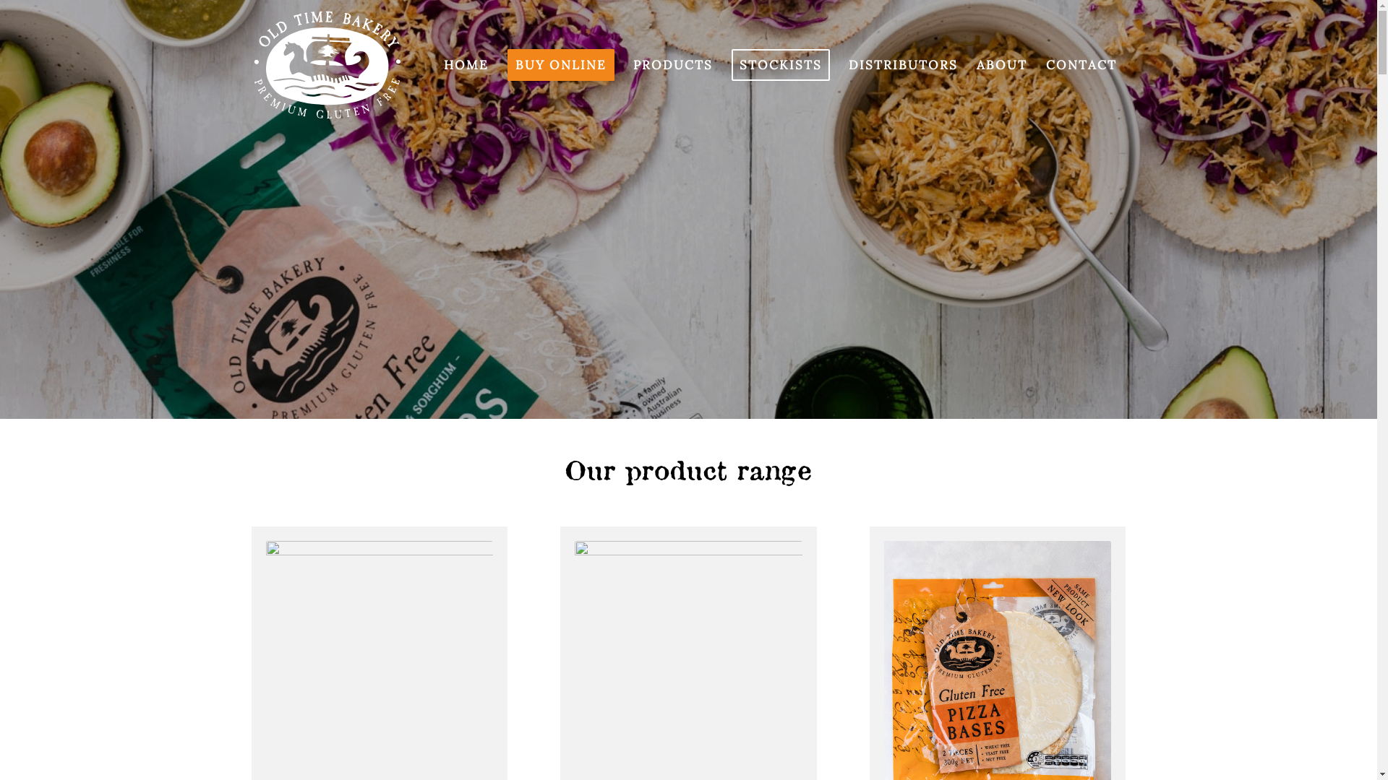  Describe the element at coordinates (779, 64) in the screenshot. I see `'STOCKISTS'` at that location.